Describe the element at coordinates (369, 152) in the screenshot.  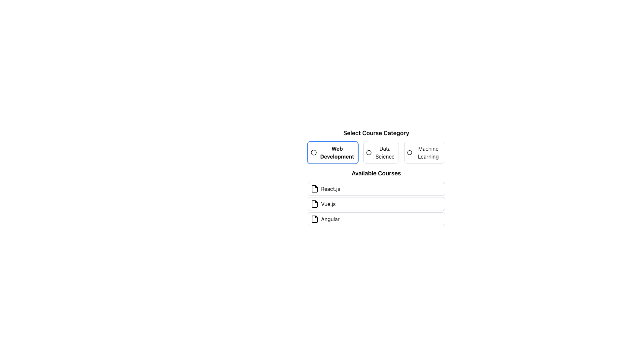
I see `the inner circle of the radio button for the 'Data Science' category` at that location.